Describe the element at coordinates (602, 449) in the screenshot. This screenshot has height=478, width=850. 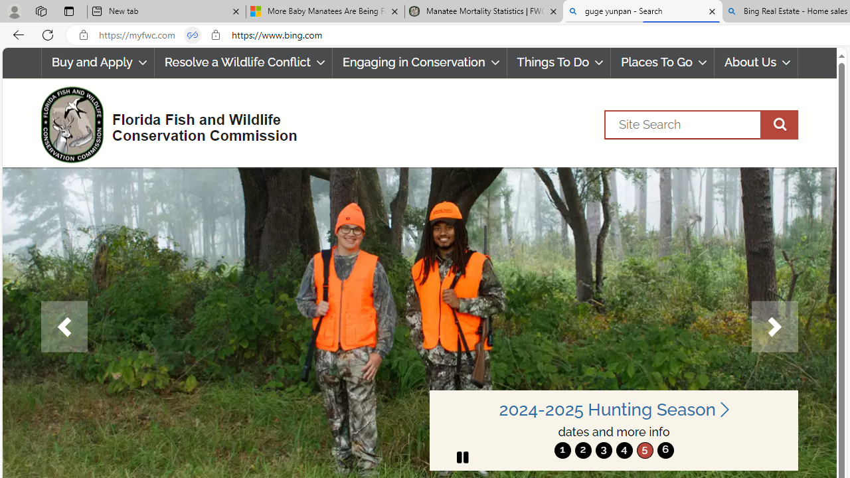
I see `'move to slide 3'` at that location.